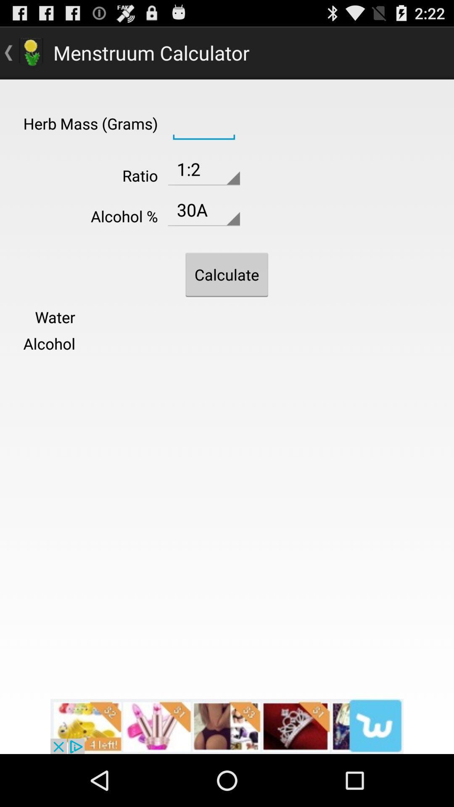 The image size is (454, 807). Describe the element at coordinates (227, 726) in the screenshot. I see `advertisement page` at that location.